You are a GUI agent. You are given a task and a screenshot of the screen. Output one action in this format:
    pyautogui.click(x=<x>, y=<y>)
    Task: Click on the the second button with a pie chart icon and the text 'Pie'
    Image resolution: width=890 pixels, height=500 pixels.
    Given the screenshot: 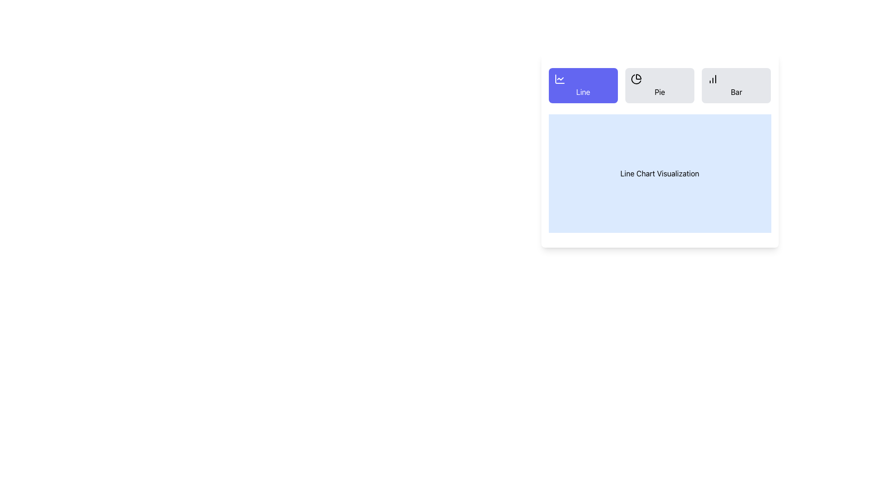 What is the action you would take?
    pyautogui.click(x=659, y=86)
    